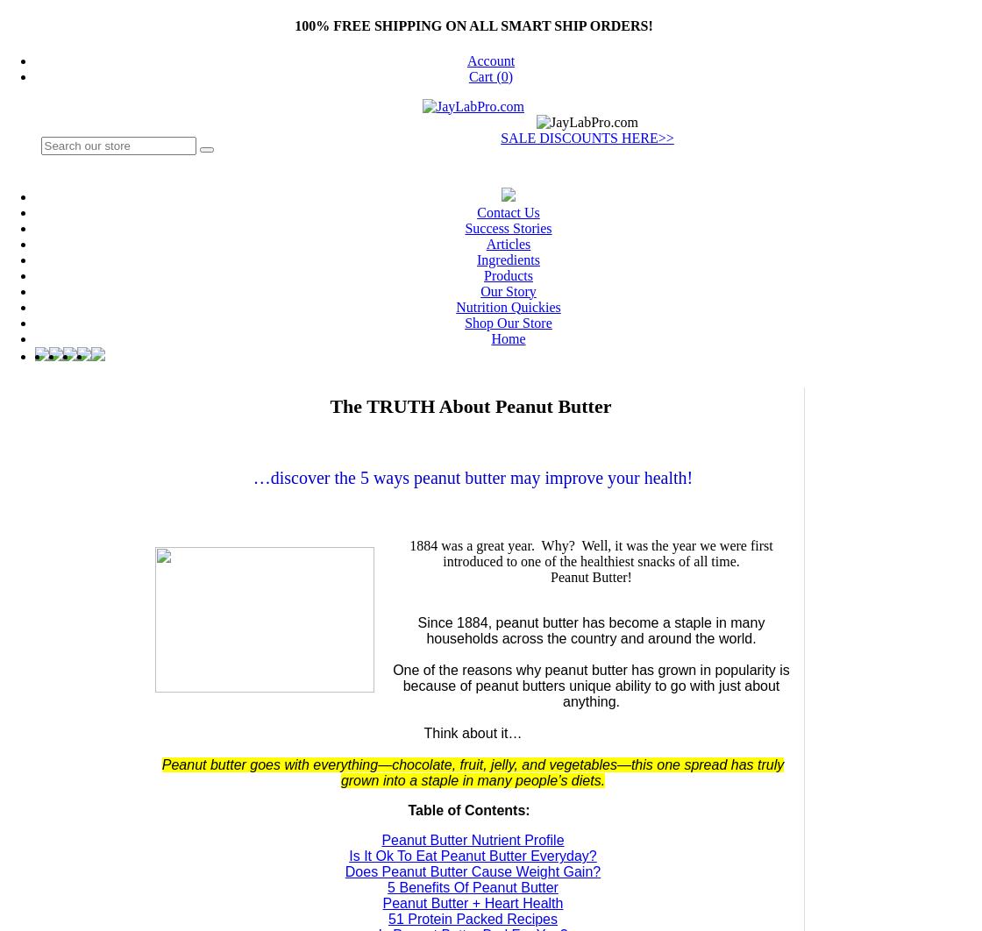 Image resolution: width=982 pixels, height=931 pixels. What do you see at coordinates (468, 75) in the screenshot?
I see `'Cart ('` at bounding box center [468, 75].